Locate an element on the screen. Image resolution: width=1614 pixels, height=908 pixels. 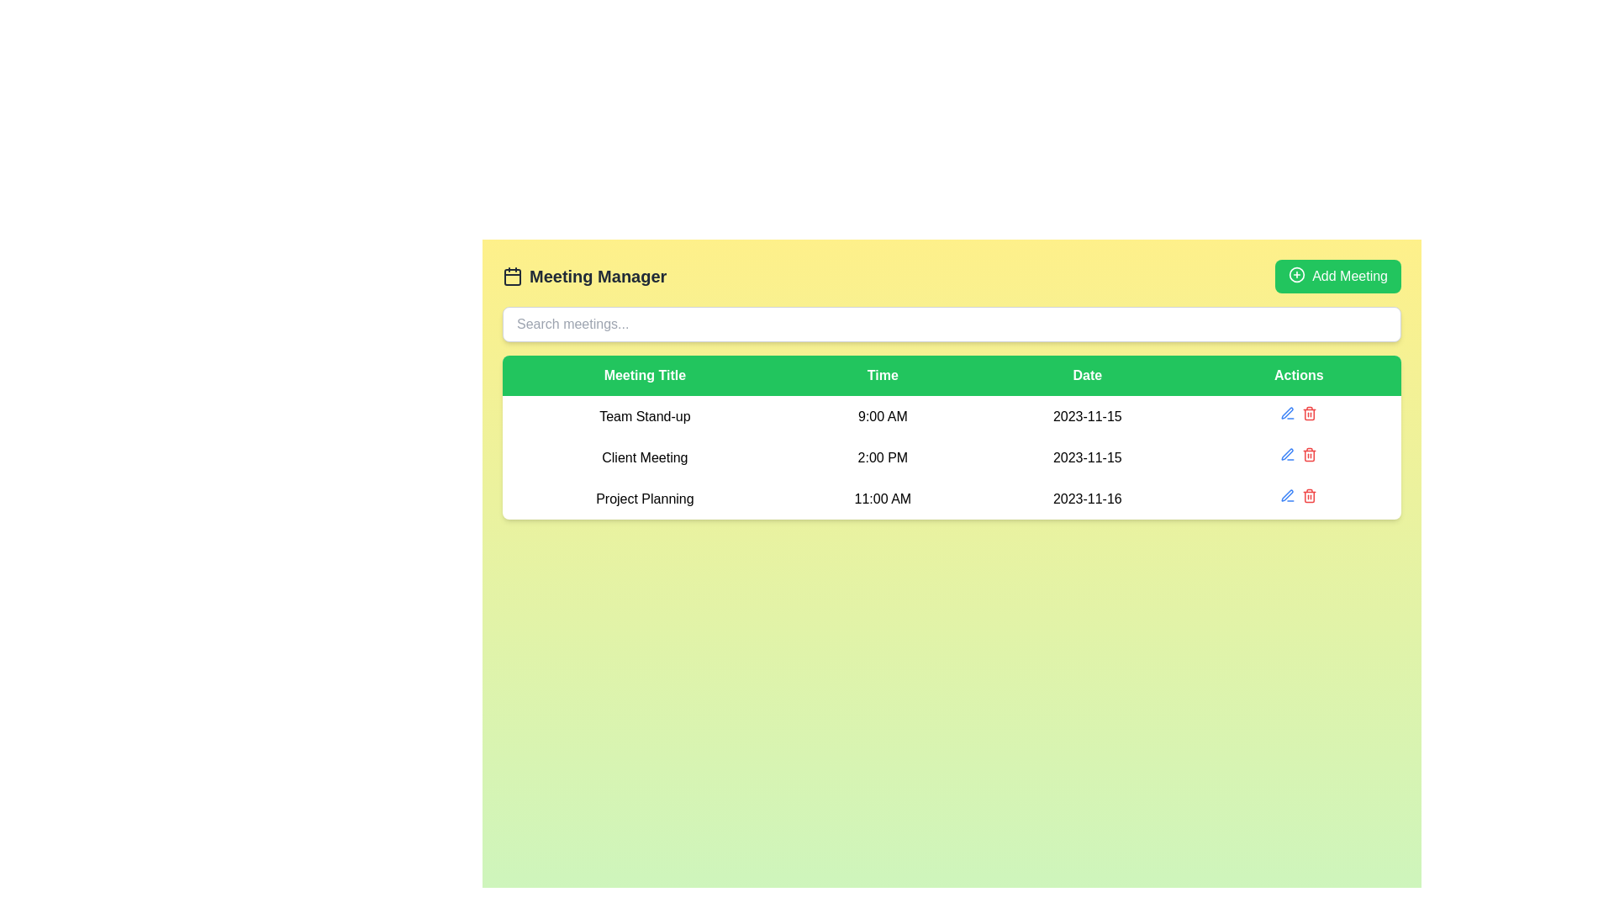
the empty interactive icon located under the 'Actions' column in the 'Client Meeting' row is located at coordinates (1298, 457).